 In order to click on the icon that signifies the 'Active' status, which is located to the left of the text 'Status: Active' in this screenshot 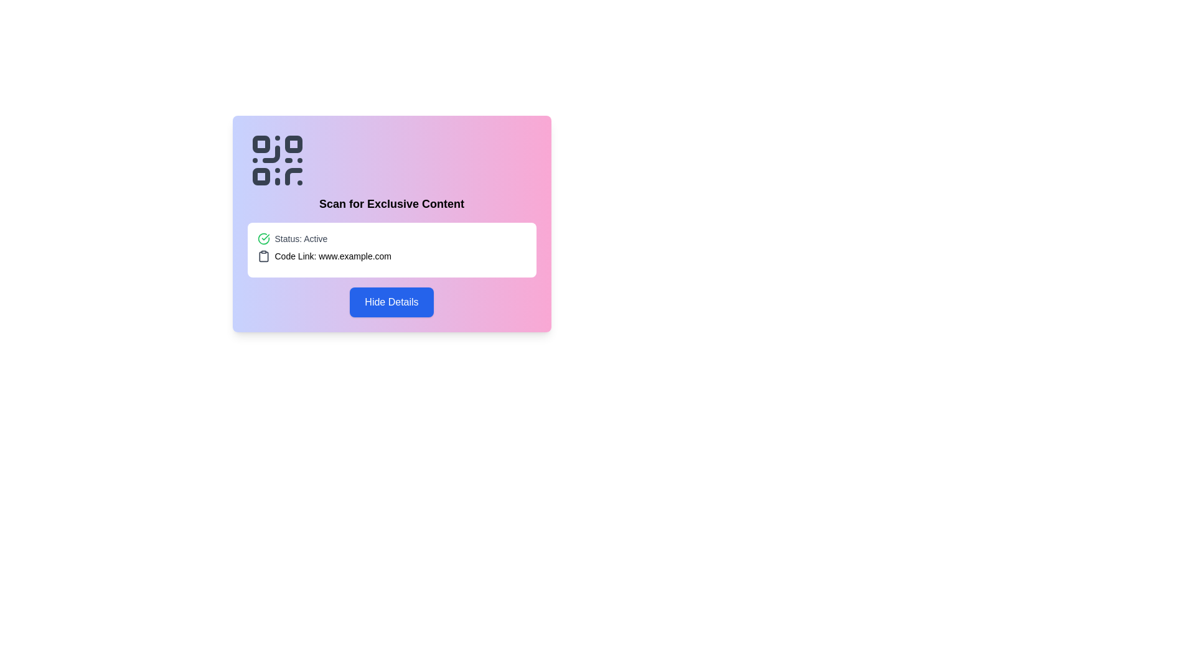, I will do `click(263, 239)`.